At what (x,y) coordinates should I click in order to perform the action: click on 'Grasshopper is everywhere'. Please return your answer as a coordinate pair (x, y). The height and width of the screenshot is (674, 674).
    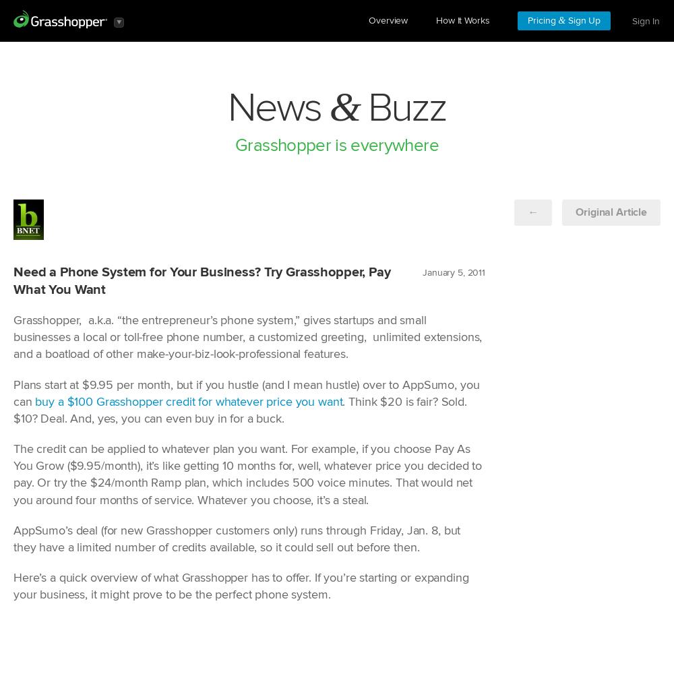
    Looking at the image, I should click on (336, 145).